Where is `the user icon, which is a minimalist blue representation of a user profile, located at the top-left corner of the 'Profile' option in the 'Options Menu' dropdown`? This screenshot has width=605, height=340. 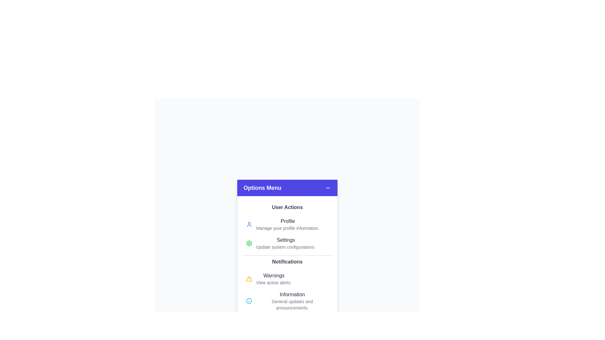 the user icon, which is a minimalist blue representation of a user profile, located at the top-left corner of the 'Profile' option in the 'Options Menu' dropdown is located at coordinates (249, 224).